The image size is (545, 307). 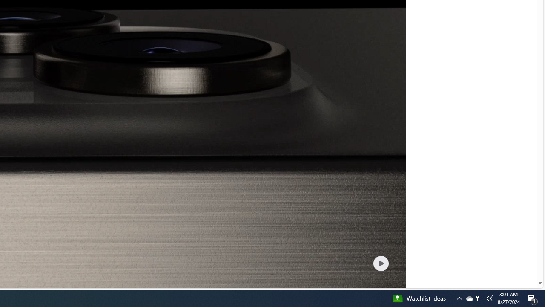 What do you see at coordinates (380, 263) in the screenshot?
I see `'Play welcome animation video'` at bounding box center [380, 263].